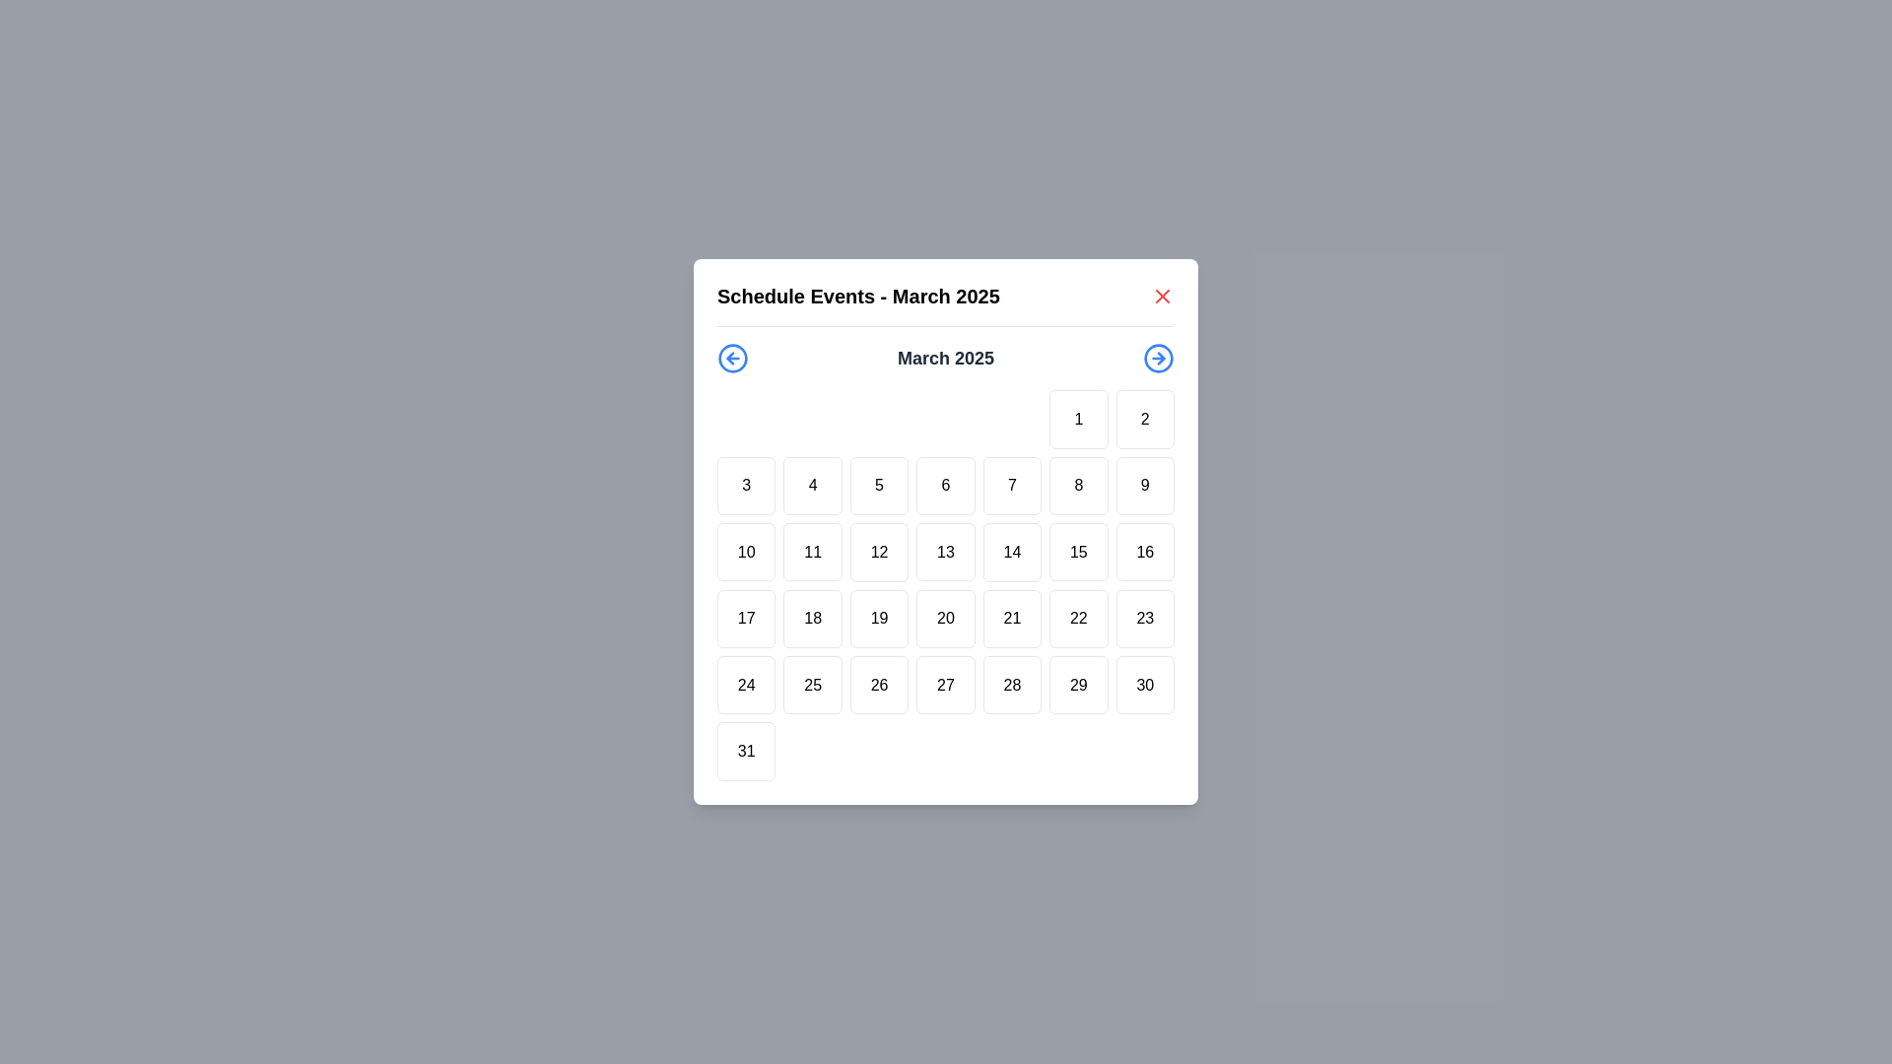 This screenshot has height=1064, width=1892. What do you see at coordinates (745, 552) in the screenshot?
I see `the square-shaped calendar cell displaying the number '10'` at bounding box center [745, 552].